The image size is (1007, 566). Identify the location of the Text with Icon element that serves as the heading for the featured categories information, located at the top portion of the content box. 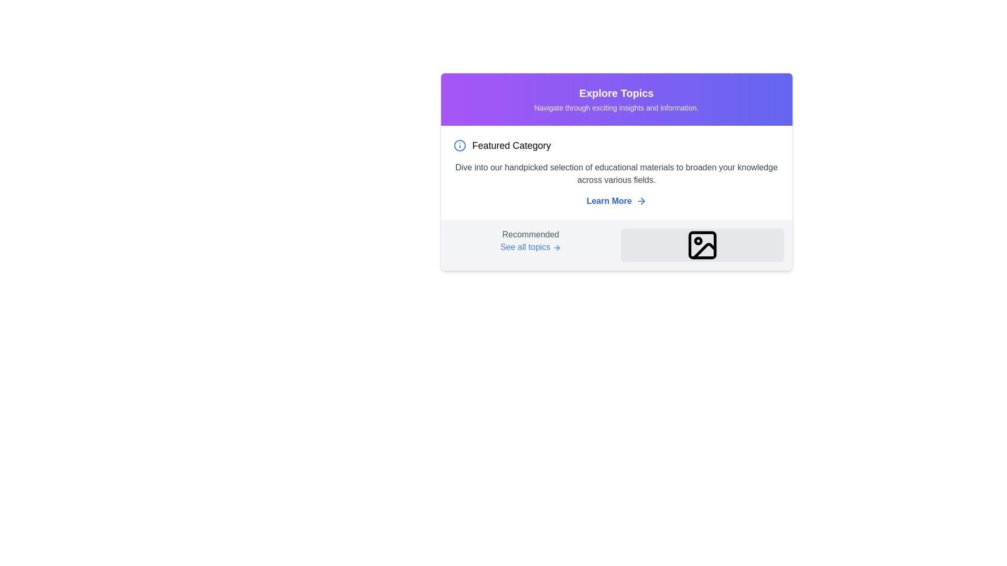
(616, 145).